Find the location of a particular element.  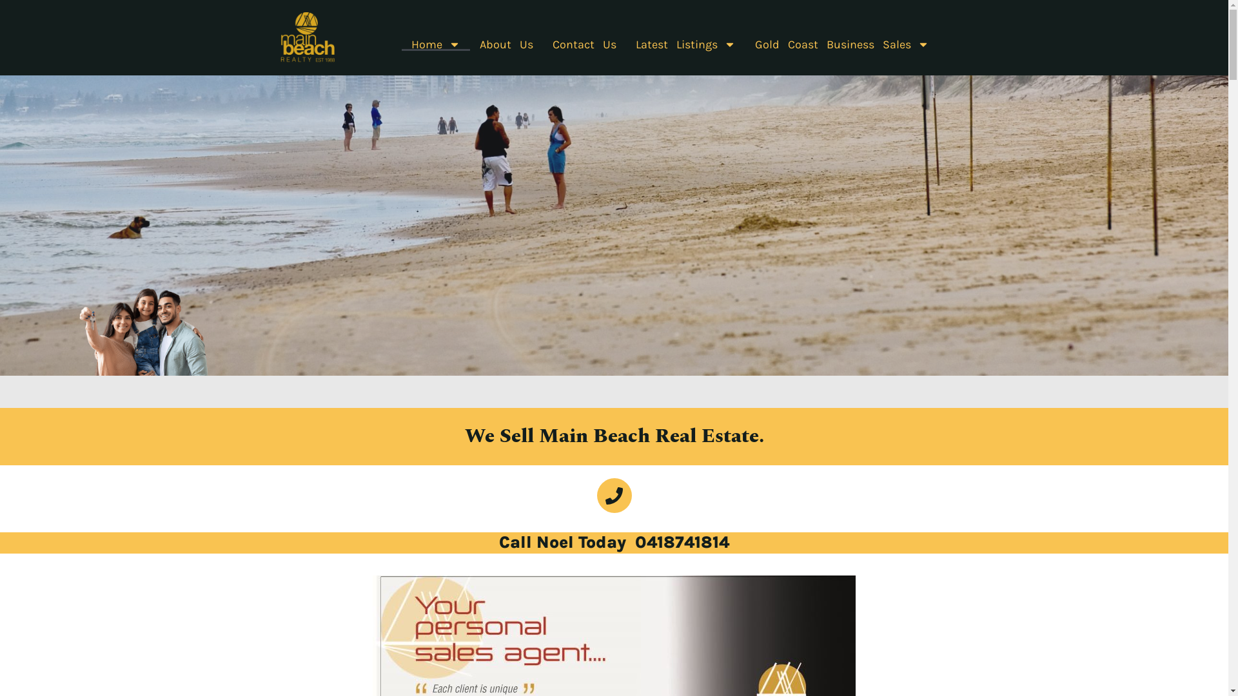

'Latest Listings' is located at coordinates (625, 44).